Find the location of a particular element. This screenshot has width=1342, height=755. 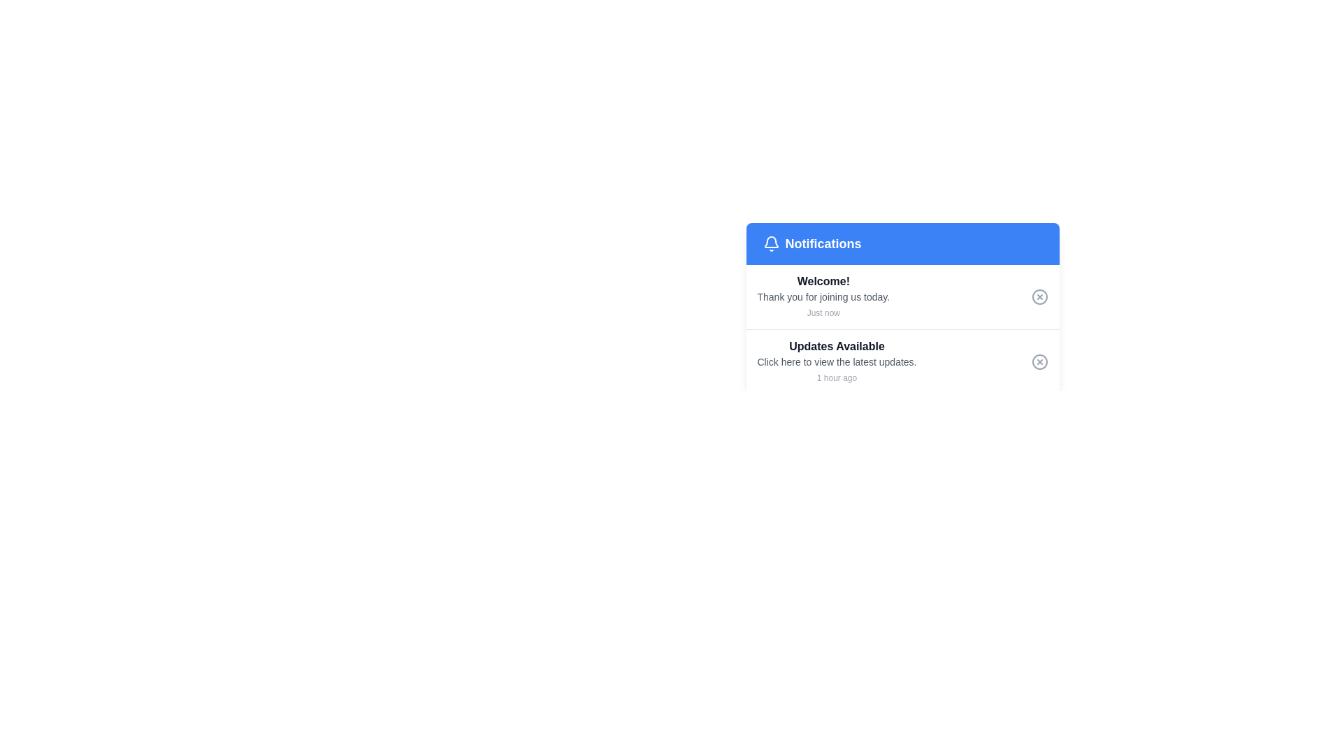

the close button icon located in the bottom row of the notification panel, positioned to the far right of the 'Updates Available' text is located at coordinates (1039, 361).